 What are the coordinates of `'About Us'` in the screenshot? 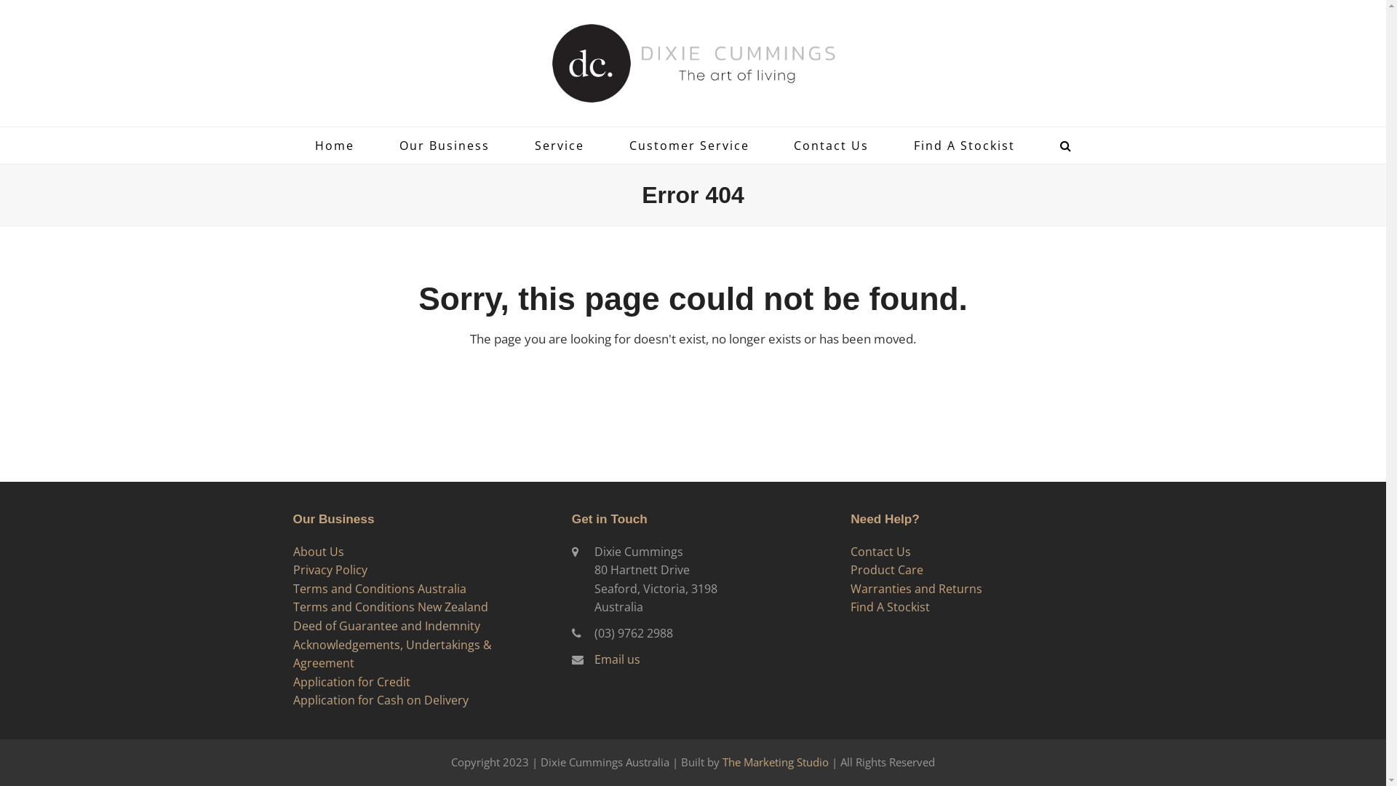 It's located at (317, 552).